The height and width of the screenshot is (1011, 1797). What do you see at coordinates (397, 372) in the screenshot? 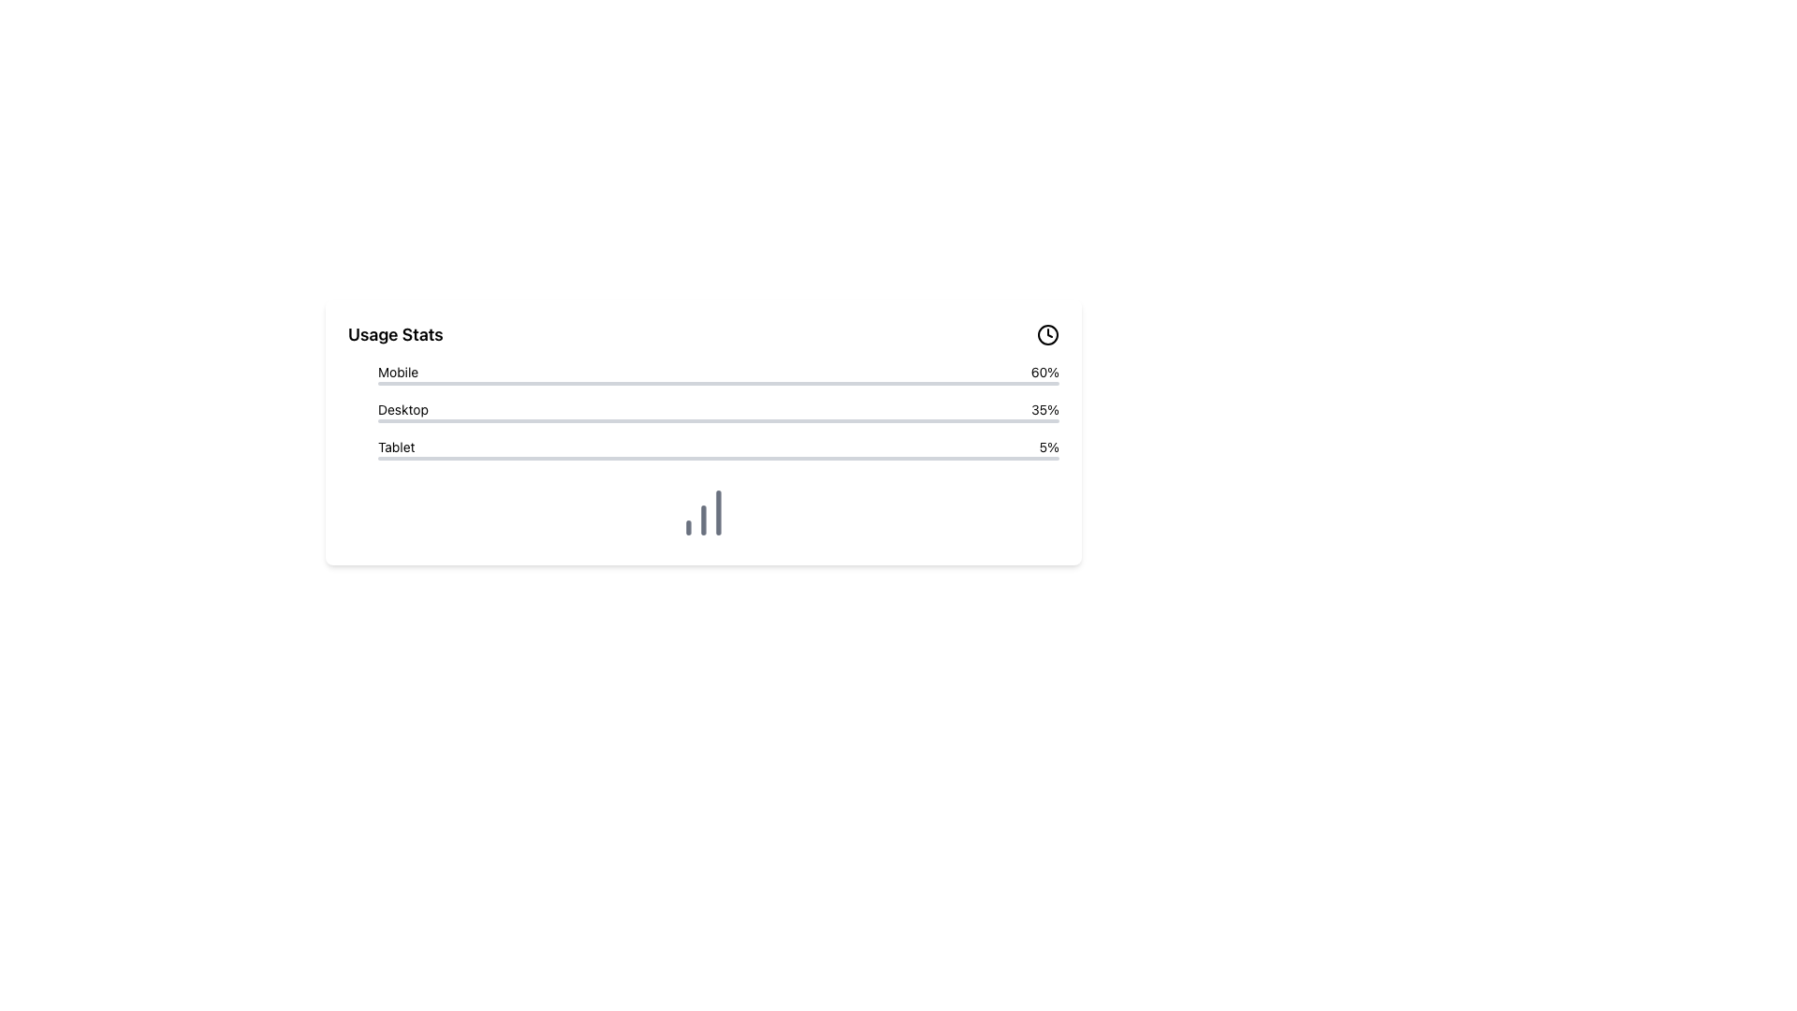
I see `the 'Mobile' label in the usage statistics table, which is displayed in bold, black sans-serif font and located in the leftmost position of the topmost row under 'Usage Stats'` at bounding box center [397, 372].